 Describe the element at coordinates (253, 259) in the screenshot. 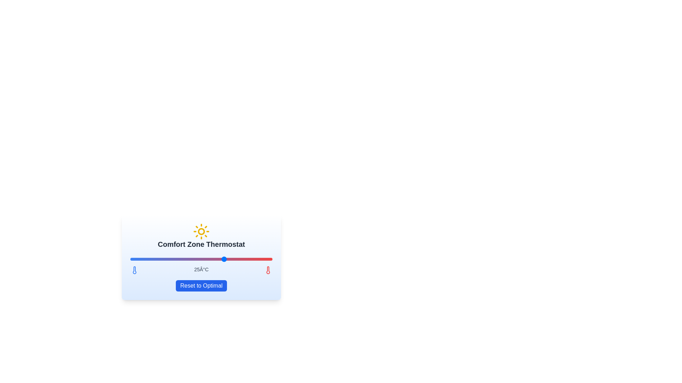

I see `the temperature slider to set the temperature to 28°C` at that location.